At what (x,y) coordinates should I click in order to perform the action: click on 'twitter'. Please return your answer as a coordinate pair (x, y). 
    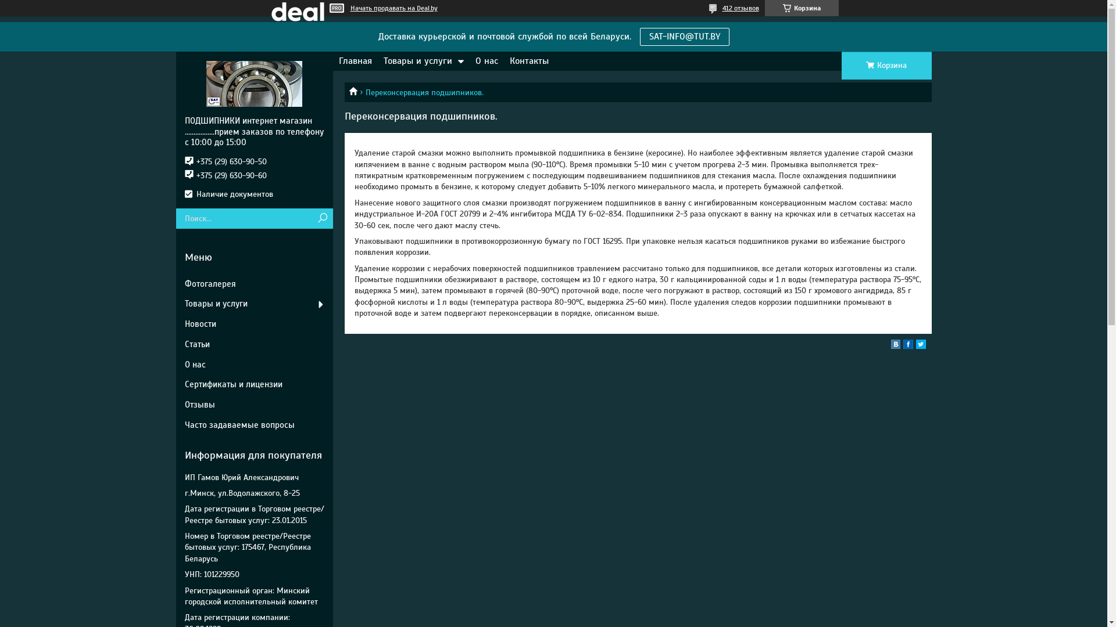
    Looking at the image, I should click on (920, 345).